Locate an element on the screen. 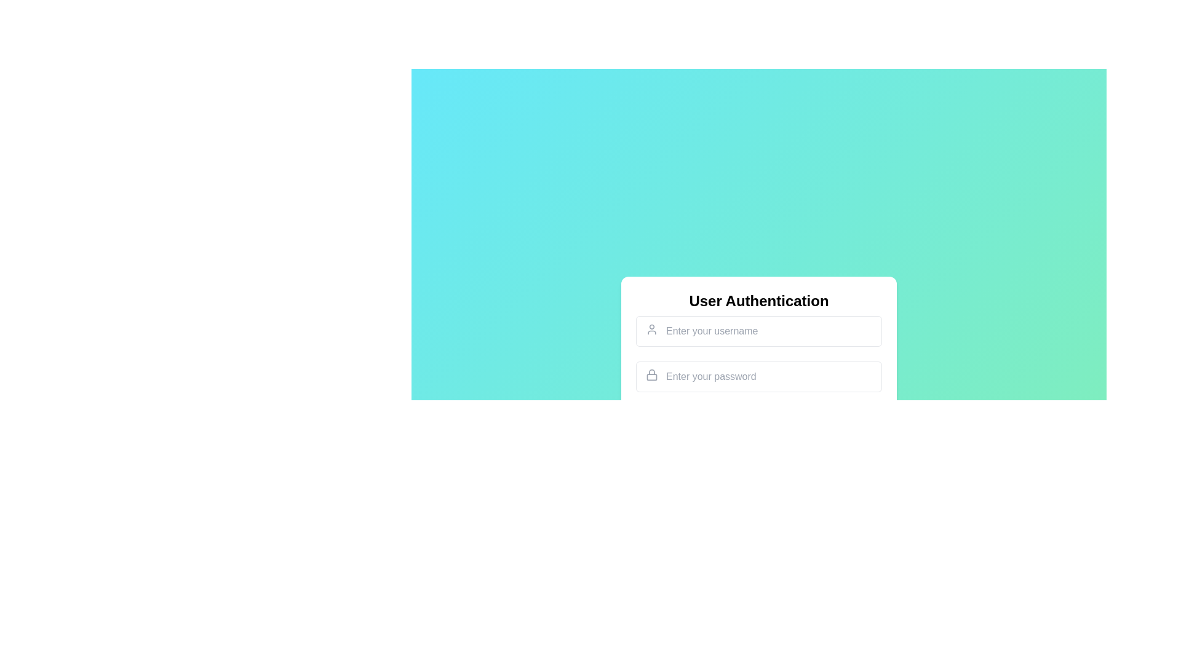  the keyhole element of the lock icon in the password input section of the User Authentication form is located at coordinates (651, 376).